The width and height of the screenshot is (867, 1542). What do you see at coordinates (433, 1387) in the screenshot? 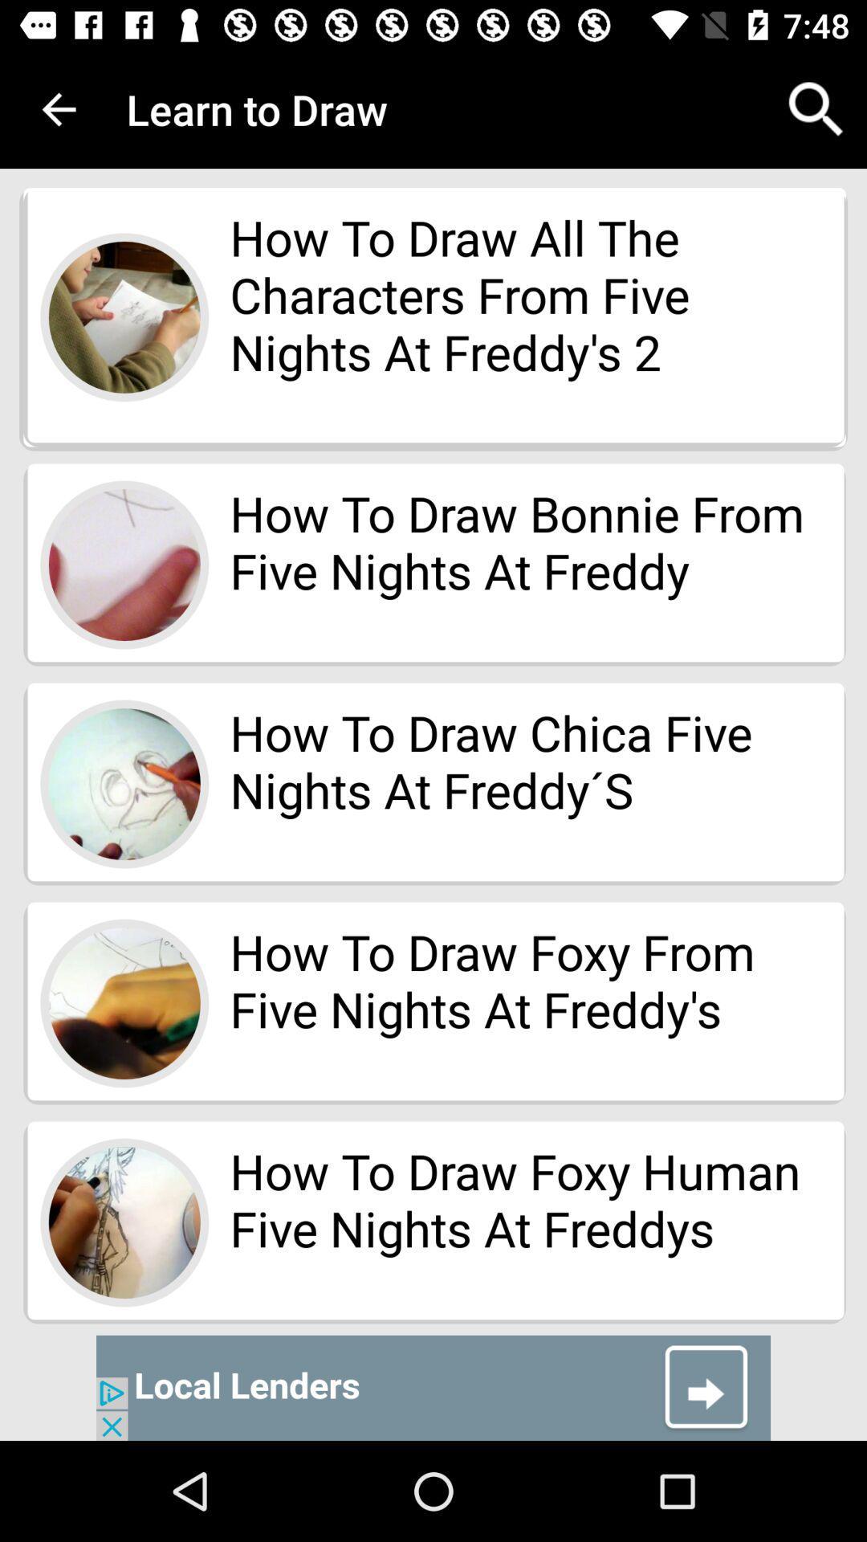
I see `open advertisement` at bounding box center [433, 1387].